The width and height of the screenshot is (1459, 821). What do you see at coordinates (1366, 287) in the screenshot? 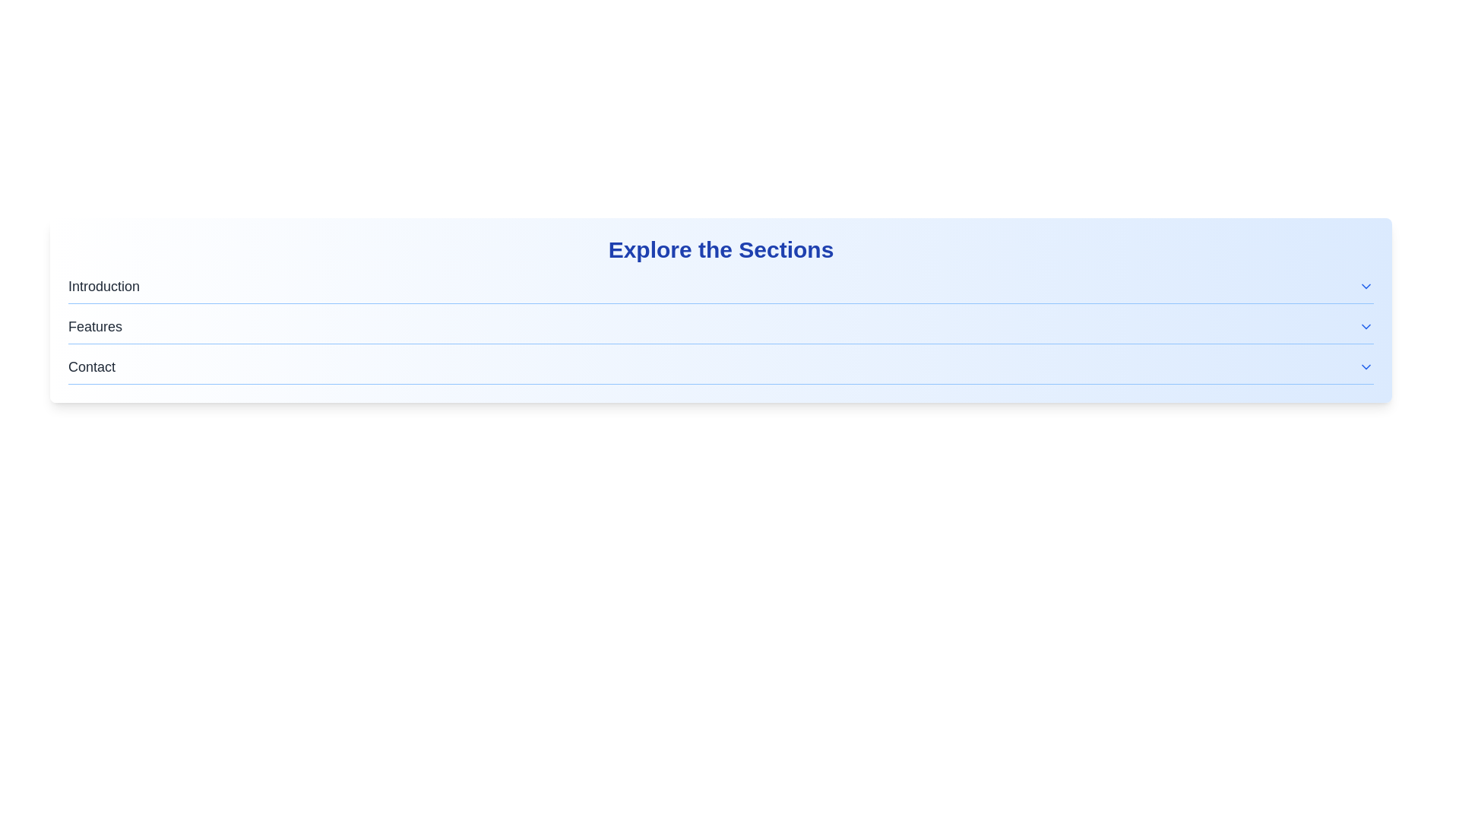
I see `the blue chevron-down icon located at the far right edge of the 'Introduction' section header` at bounding box center [1366, 287].